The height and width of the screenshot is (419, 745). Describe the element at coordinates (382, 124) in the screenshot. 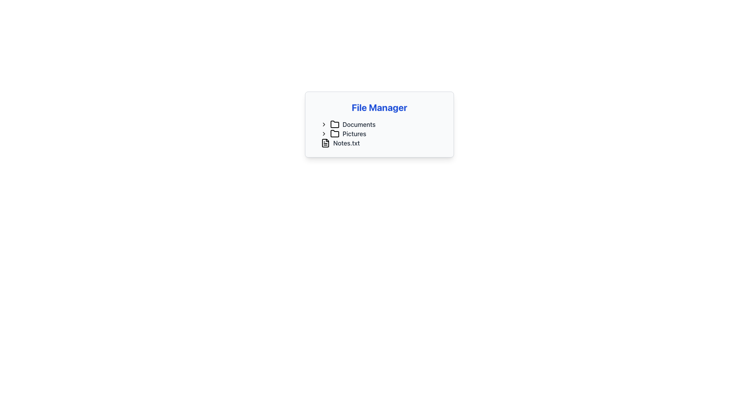

I see `the 'Documents' folder` at that location.